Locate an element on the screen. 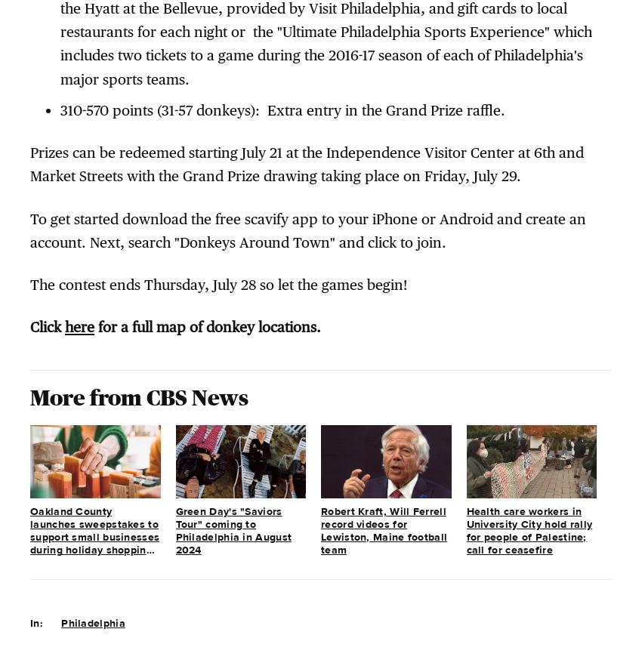  'for a full map of donkey locations.' is located at coordinates (94, 325).